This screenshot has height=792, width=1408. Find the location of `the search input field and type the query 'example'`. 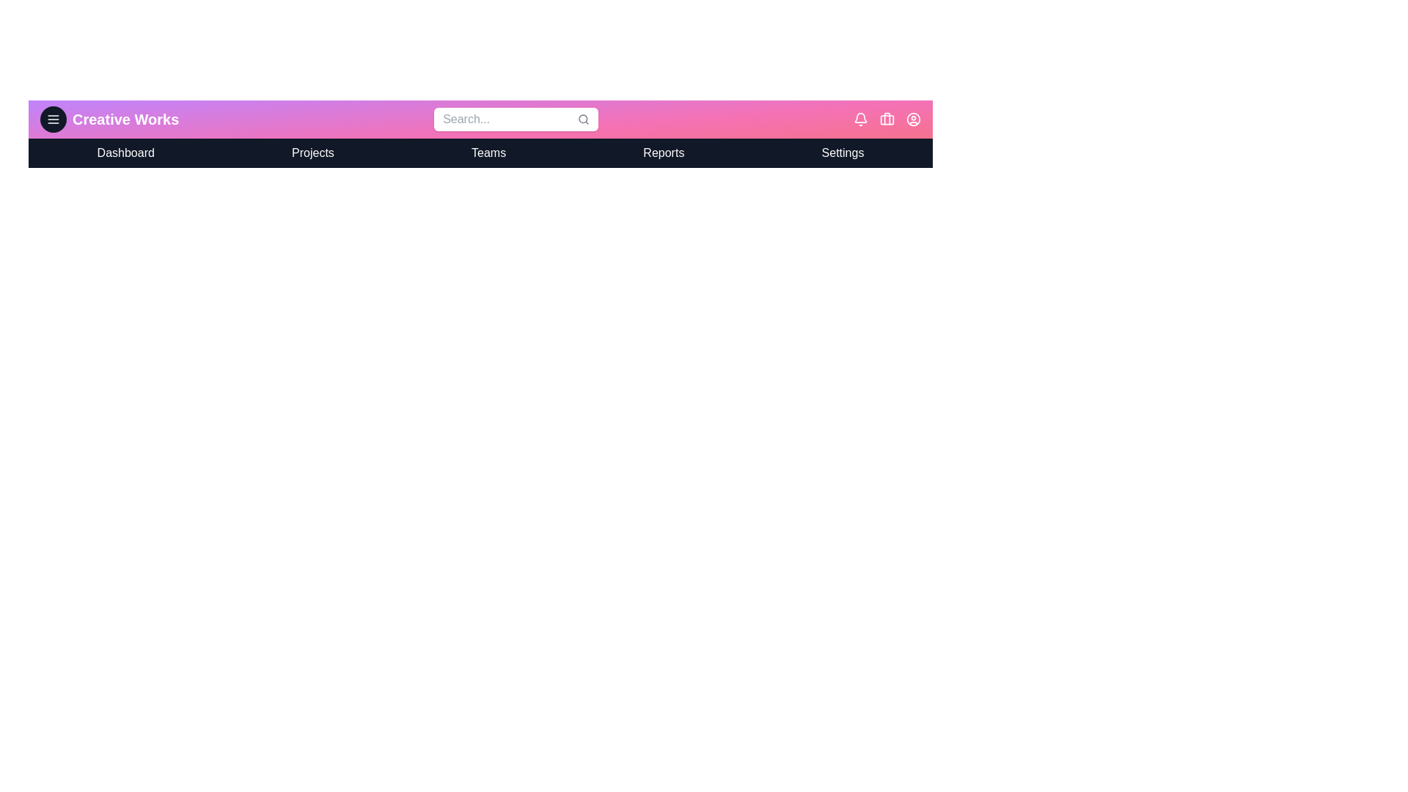

the search input field and type the query 'example' is located at coordinates (516, 118).